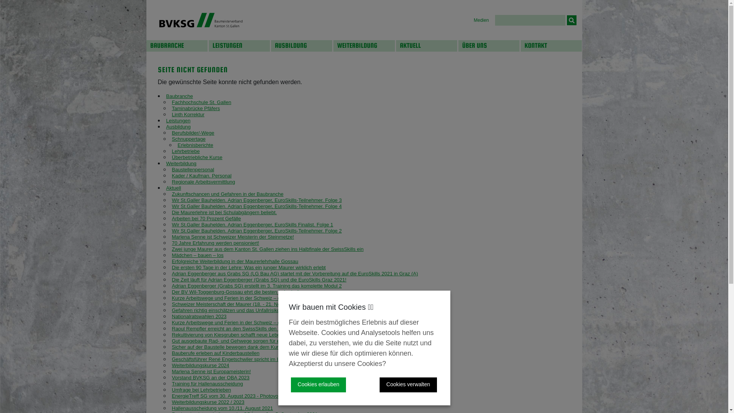 The width and height of the screenshot is (734, 413). I want to click on 'Weiterbildungskurse 2022 / 2023', so click(208, 402).